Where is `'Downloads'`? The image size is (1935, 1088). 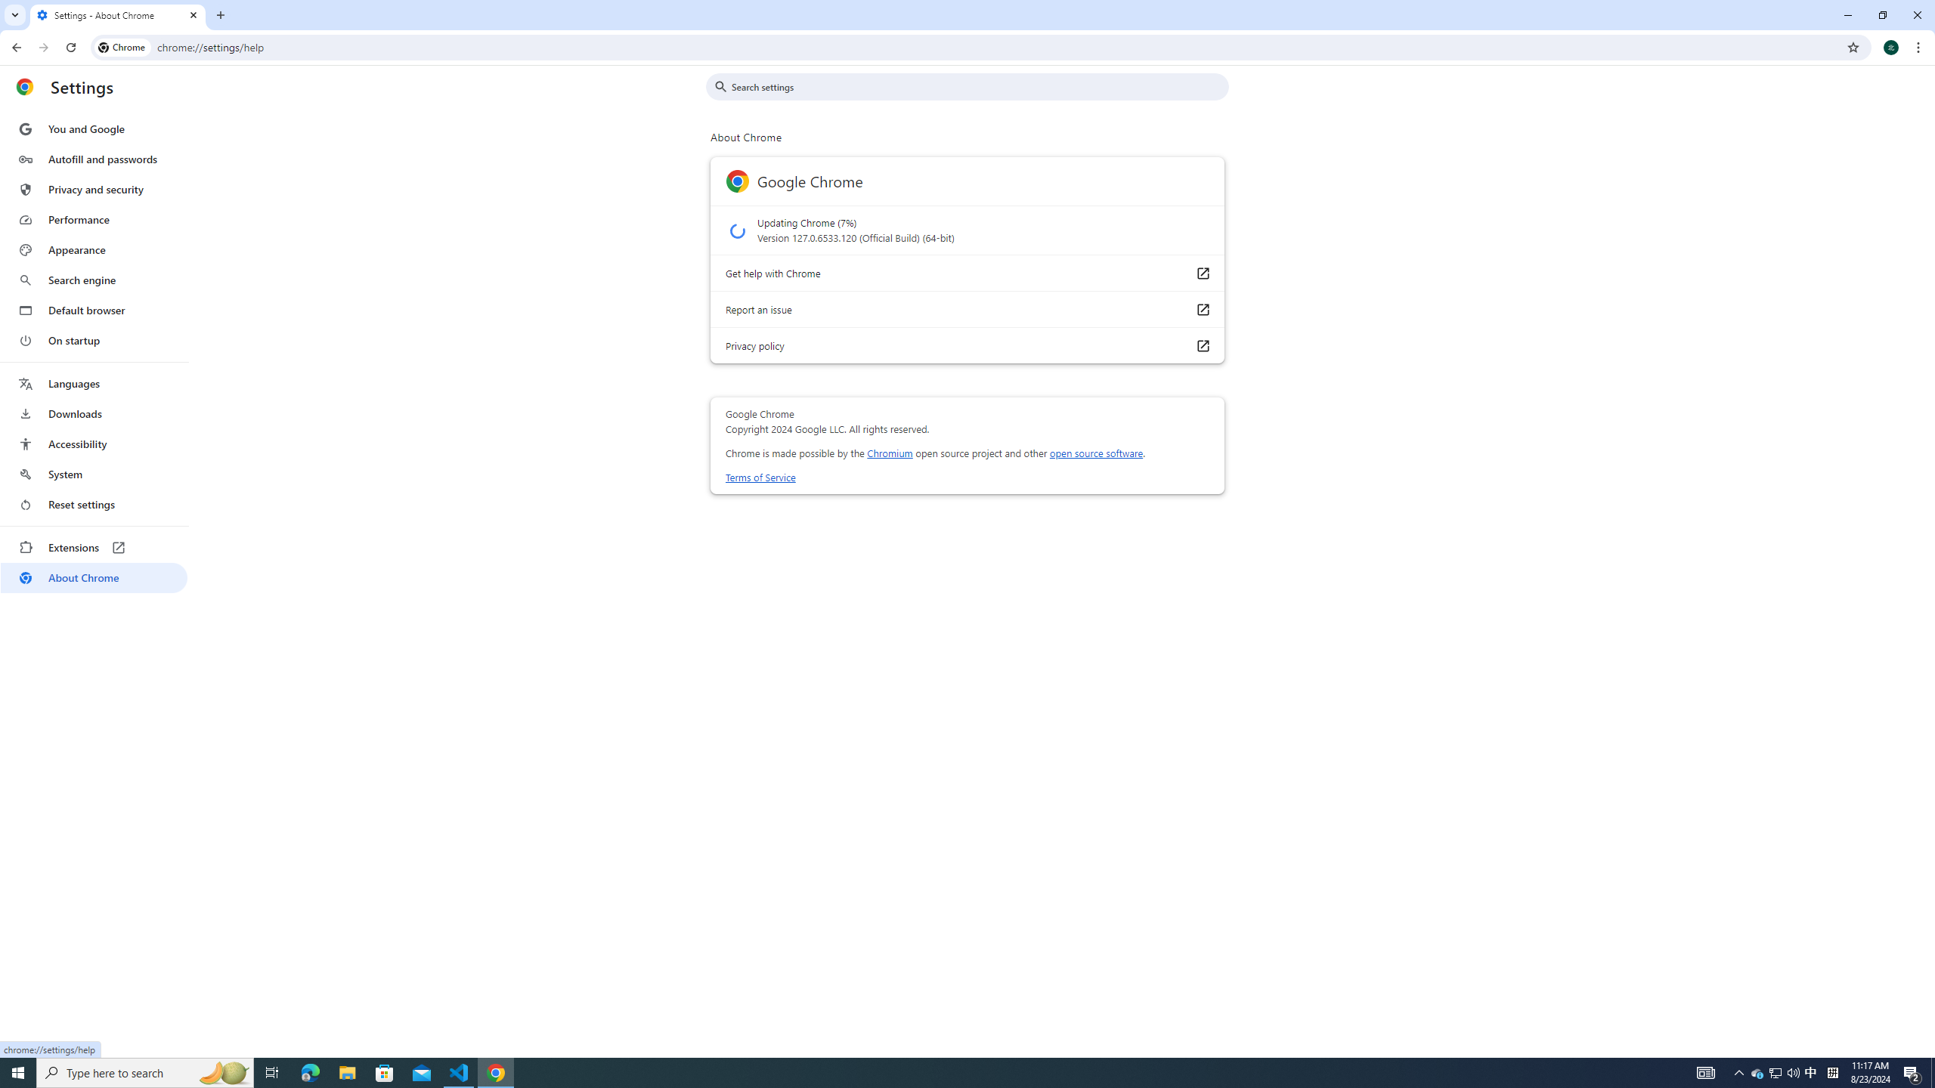 'Downloads' is located at coordinates (93, 413).